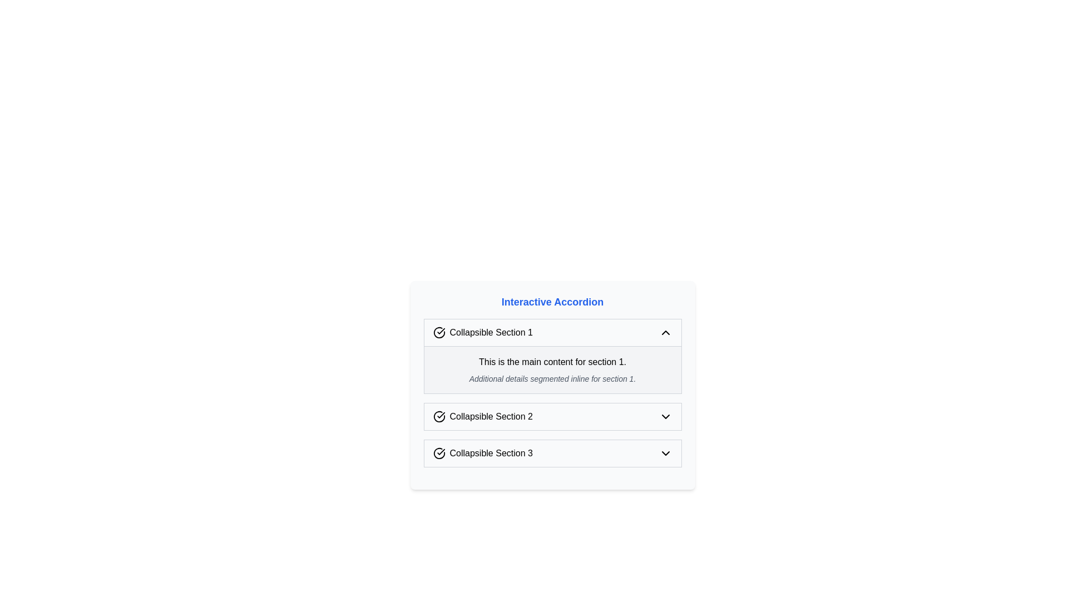 Image resolution: width=1068 pixels, height=601 pixels. Describe the element at coordinates (552, 370) in the screenshot. I see `content from the text block that states 'This is the main content for section 1.' and includes additional details in italicized smaller text, located within 'Collapsible Section 1'` at that location.